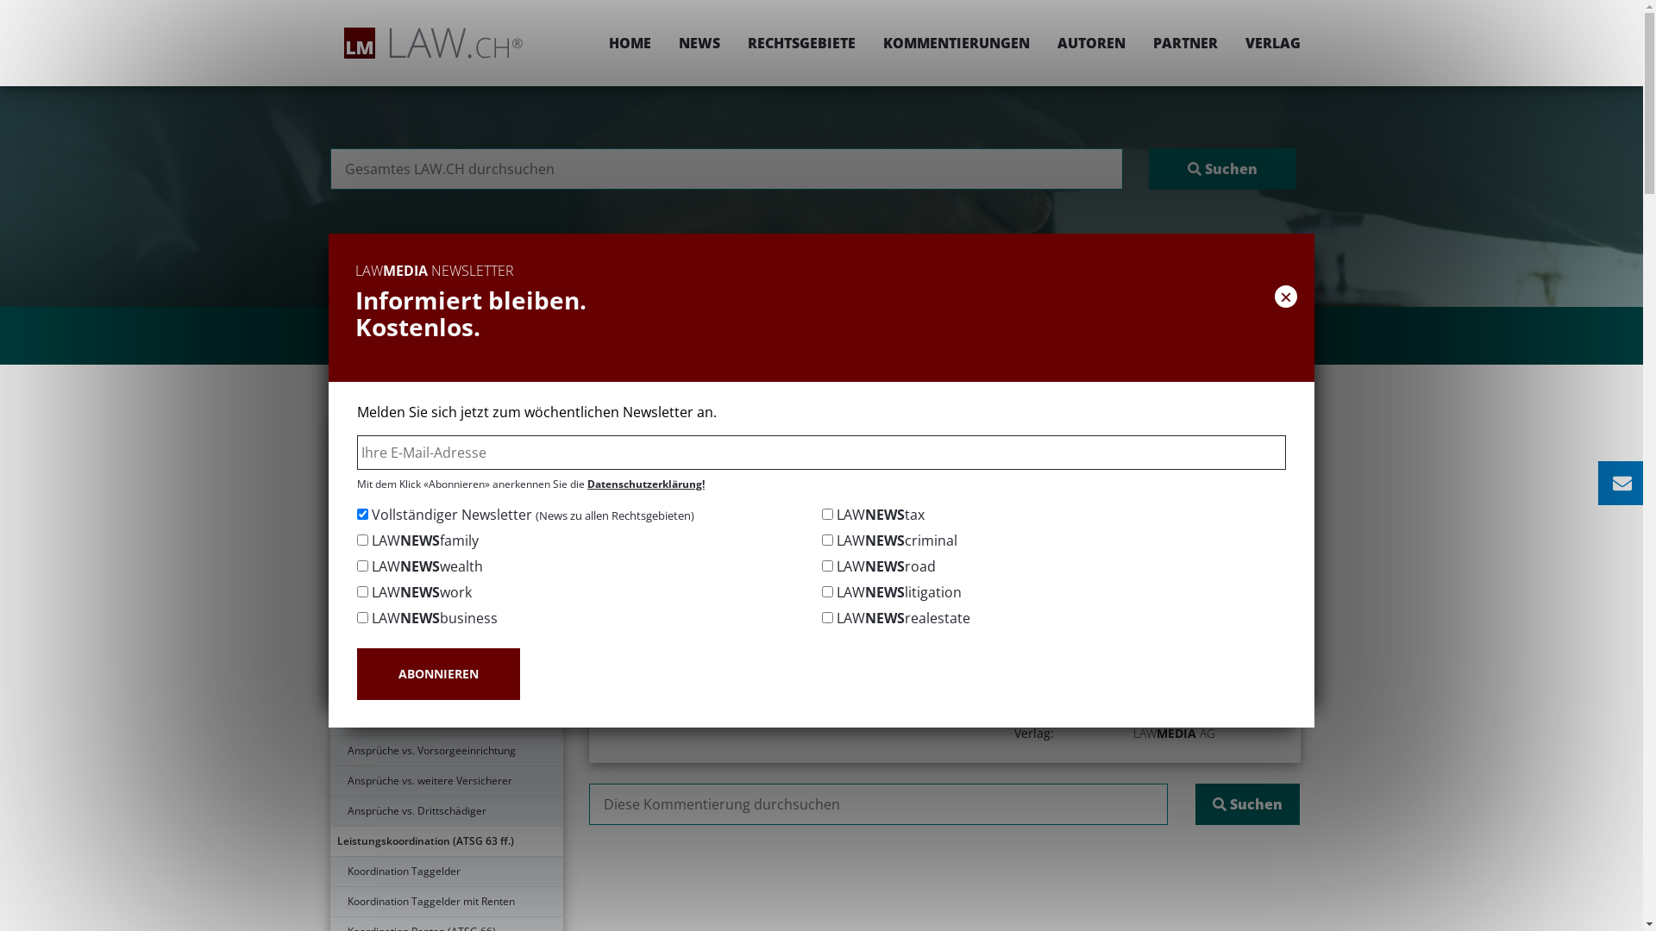 This screenshot has width=1656, height=931. I want to click on 'HOME', so click(595, 42).